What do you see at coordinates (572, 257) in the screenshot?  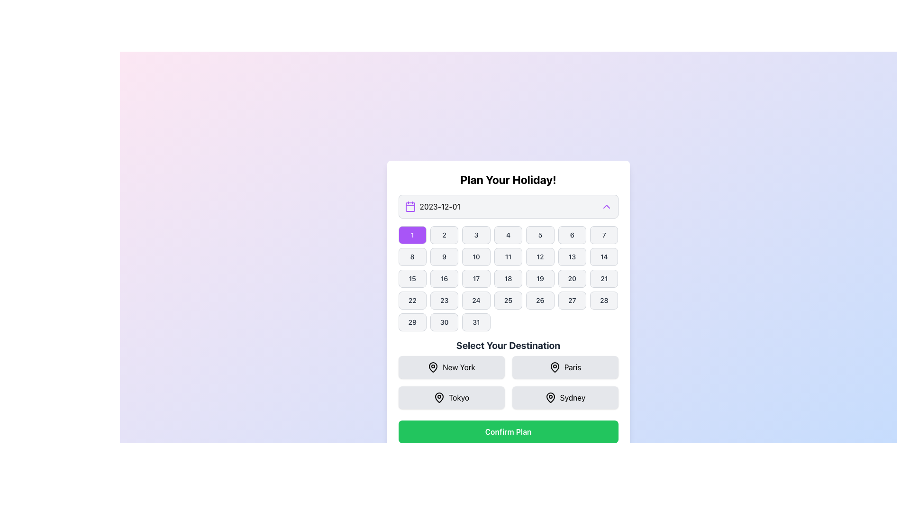 I see `the rounded rectangular button labeled '13' with a gray background` at bounding box center [572, 257].